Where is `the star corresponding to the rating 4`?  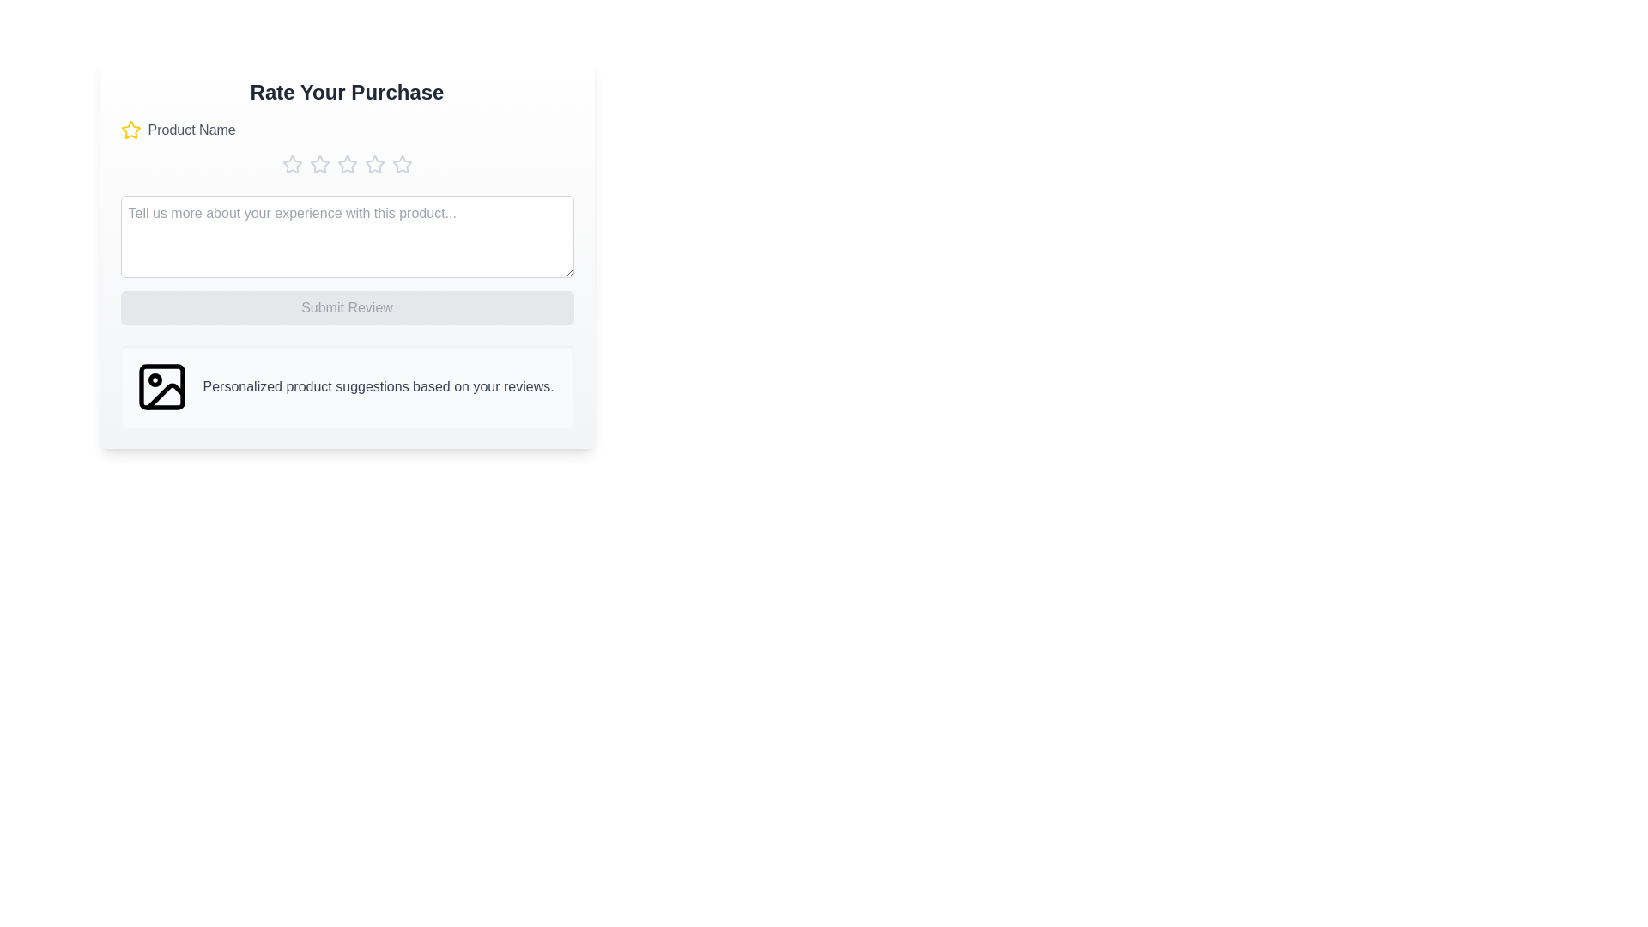
the star corresponding to the rating 4 is located at coordinates (373, 165).